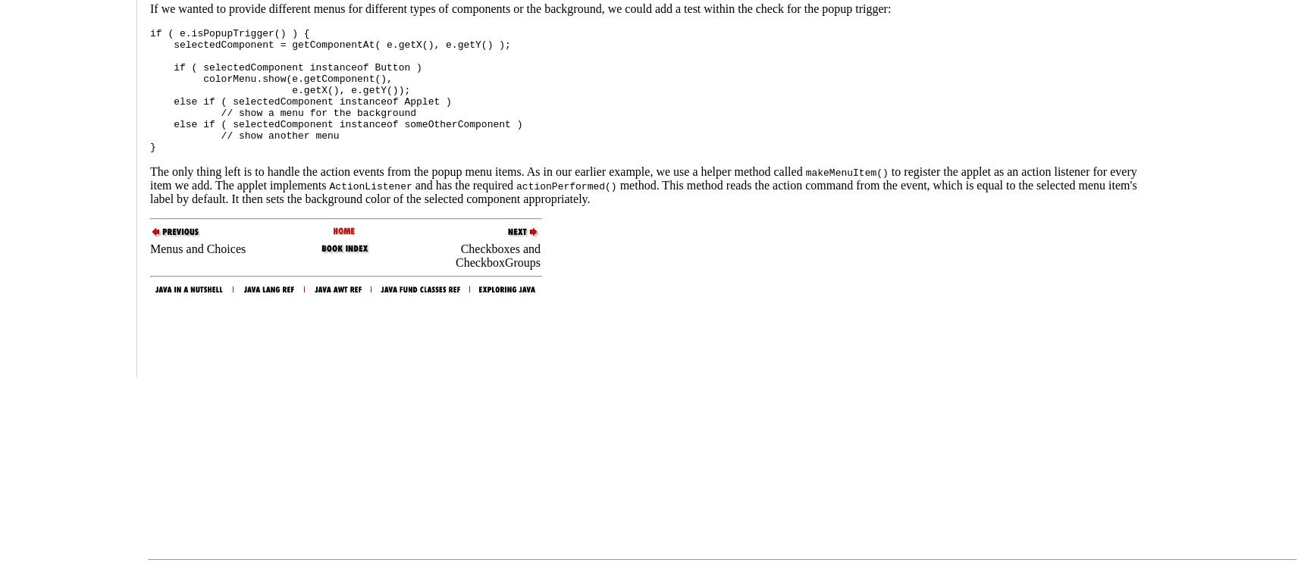 This screenshot has width=1301, height=569. I want to click on 'makeMenuItem()', so click(845, 172).